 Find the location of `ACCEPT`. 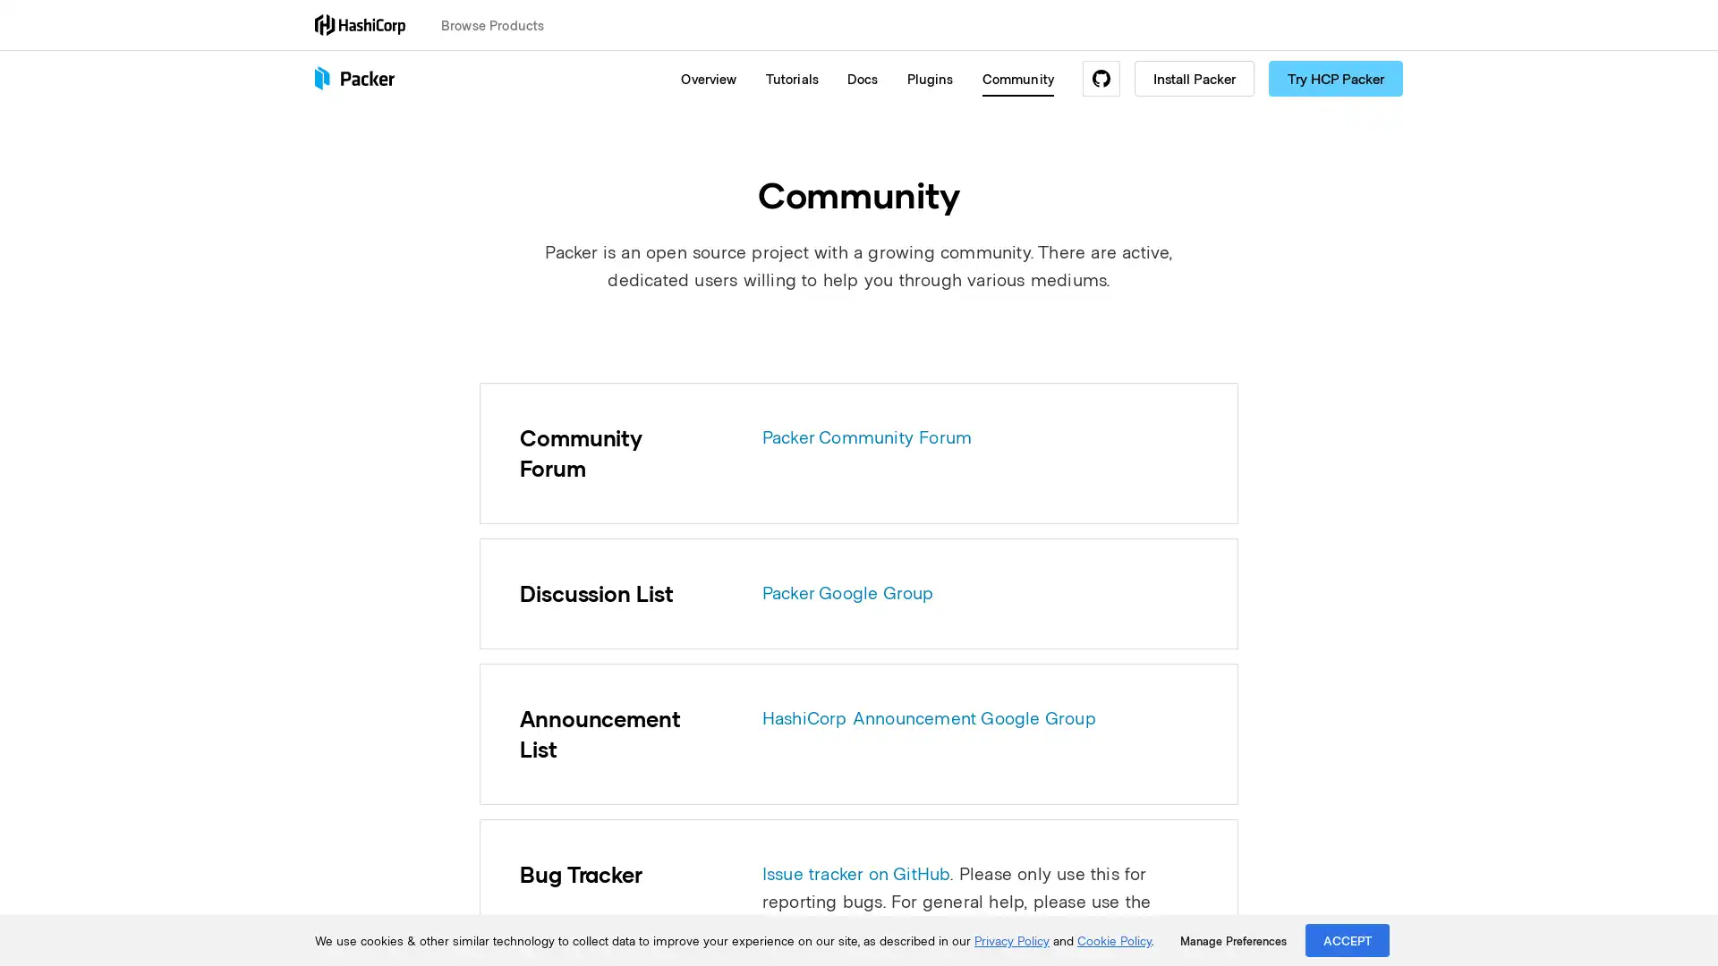

ACCEPT is located at coordinates (1348, 939).